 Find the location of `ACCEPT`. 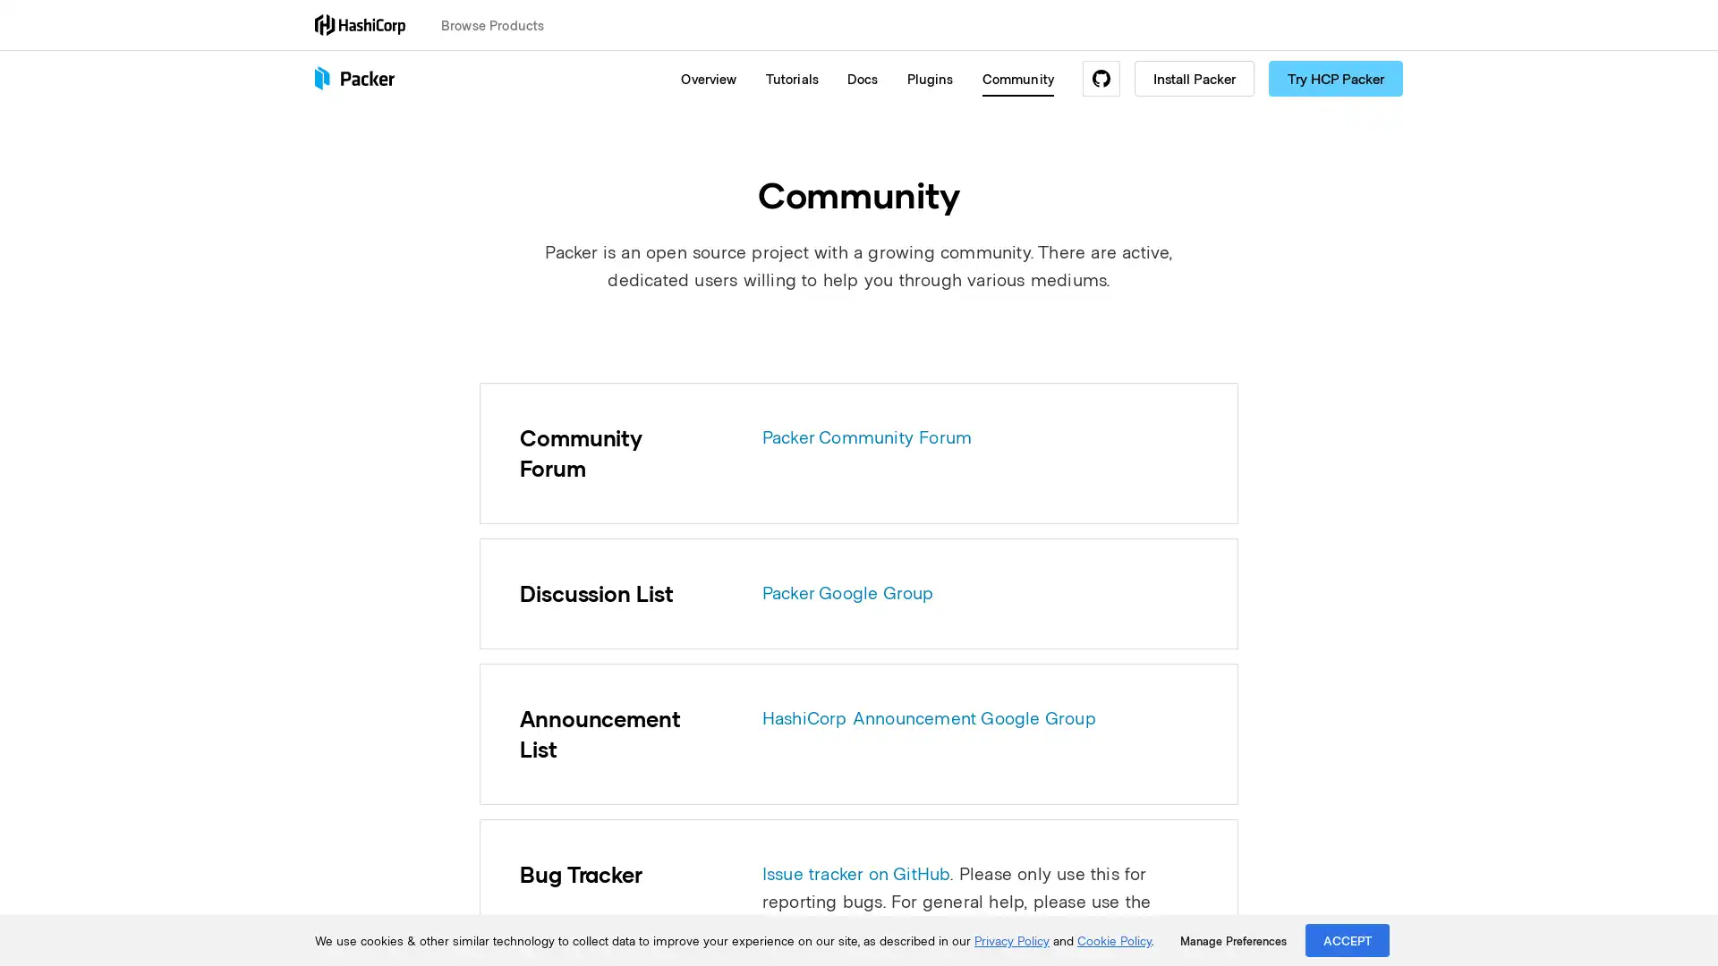

ACCEPT is located at coordinates (1348, 939).